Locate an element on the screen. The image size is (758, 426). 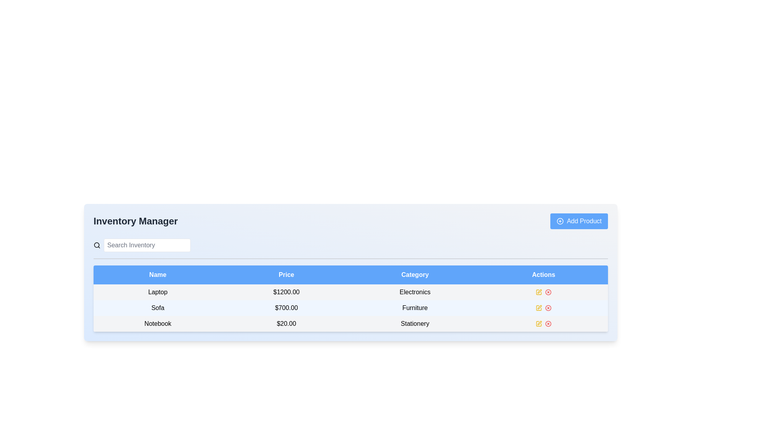
the edit button, styled in yellow, in the Row Action Control located in the Actions column of the first row, horizontally aligned with the Electronics category entry is located at coordinates (543, 292).